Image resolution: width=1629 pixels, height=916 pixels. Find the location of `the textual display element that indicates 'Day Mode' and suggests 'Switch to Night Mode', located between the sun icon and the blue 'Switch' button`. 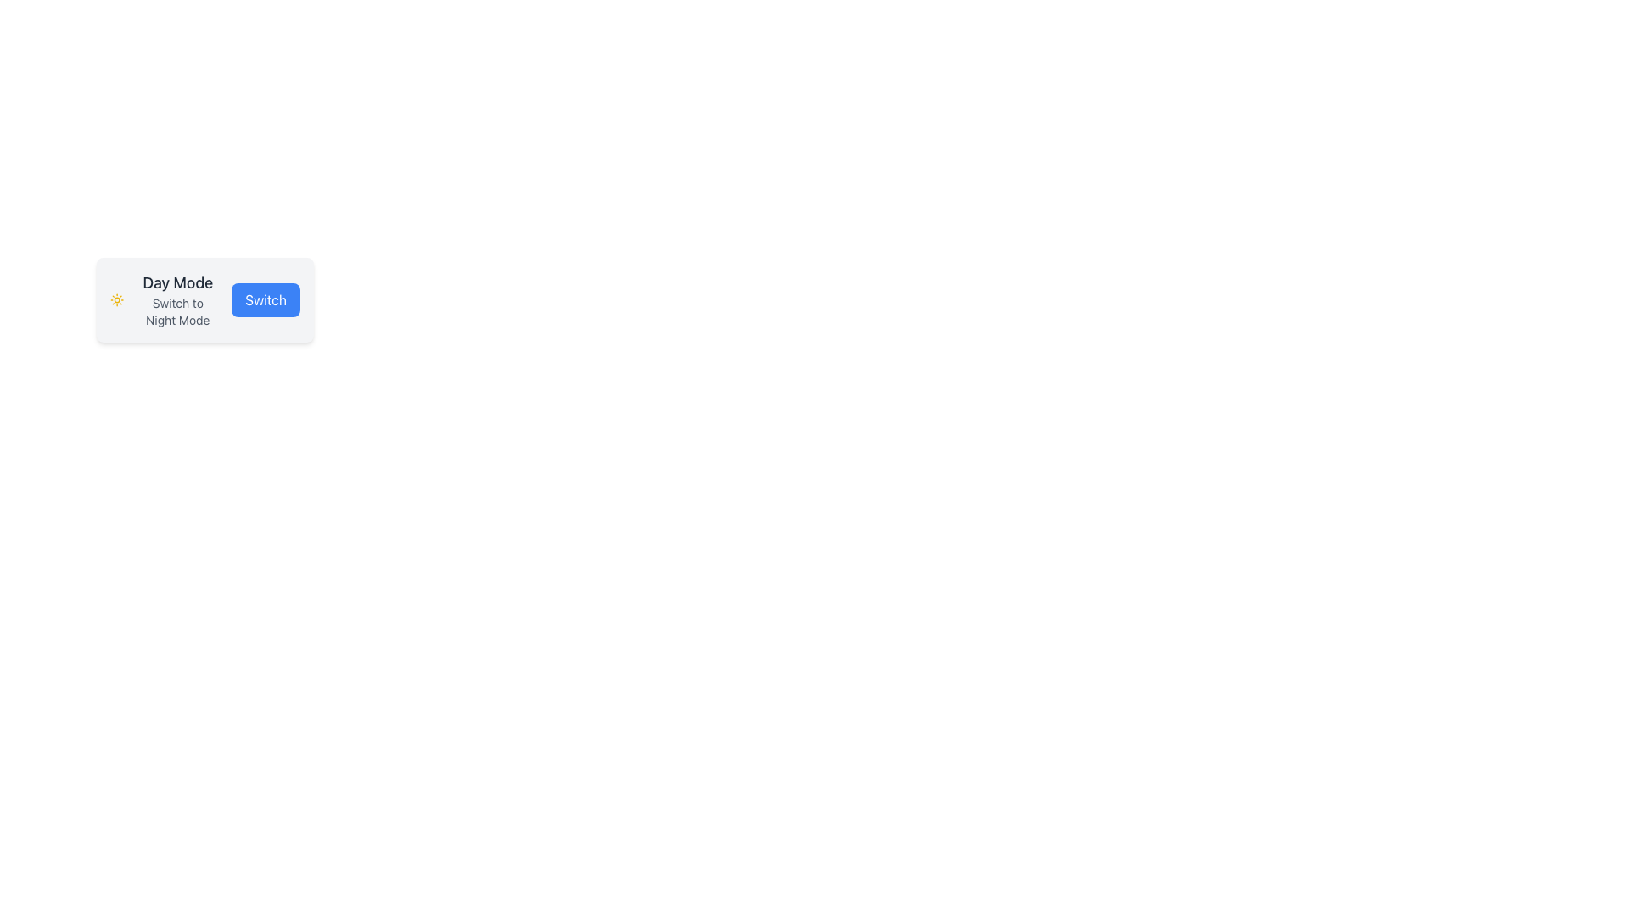

the textual display element that indicates 'Day Mode' and suggests 'Switch to Night Mode', located between the sun icon and the blue 'Switch' button is located at coordinates (177, 299).